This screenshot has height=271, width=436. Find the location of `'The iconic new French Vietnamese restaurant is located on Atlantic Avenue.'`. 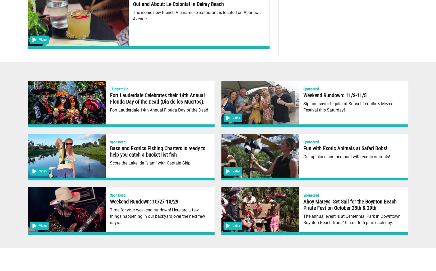

'The iconic new French Vietnamese restaurant is located on Atlantic Avenue.' is located at coordinates (195, 15).